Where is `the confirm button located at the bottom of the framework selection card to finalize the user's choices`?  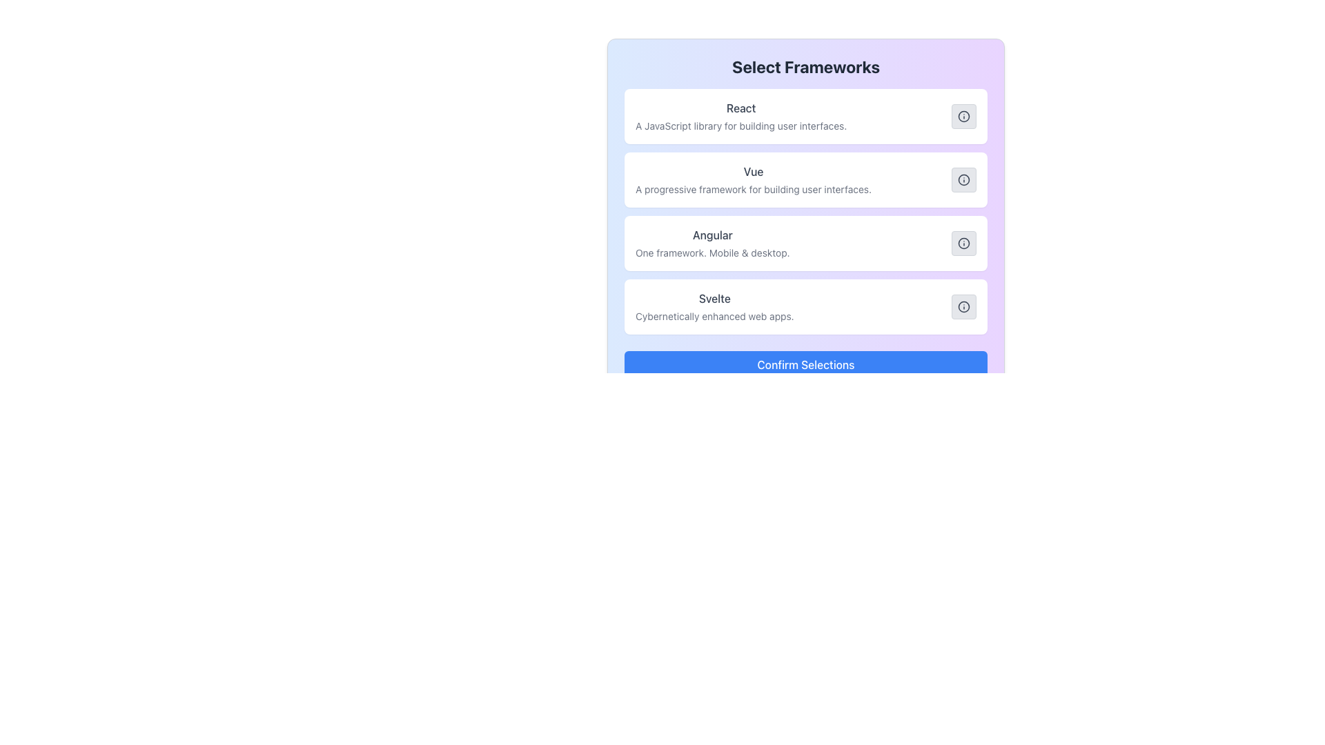
the confirm button located at the bottom of the framework selection card to finalize the user's choices is located at coordinates (805, 364).